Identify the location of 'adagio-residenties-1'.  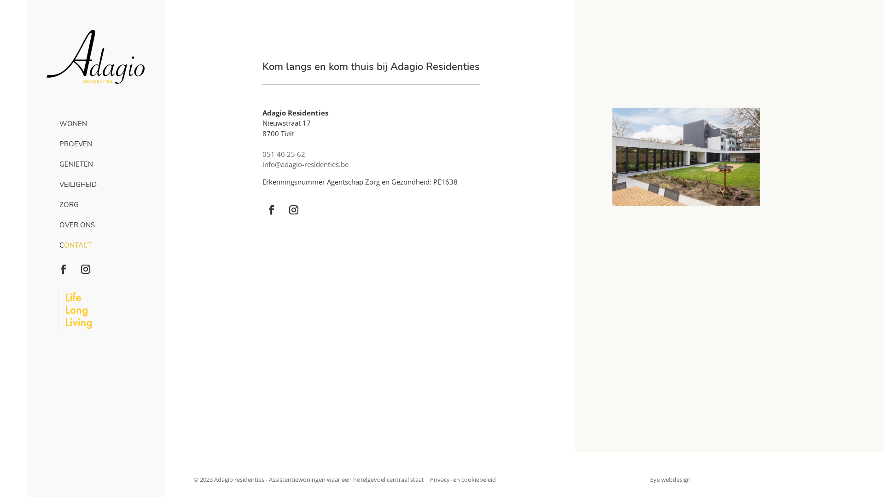
(612, 156).